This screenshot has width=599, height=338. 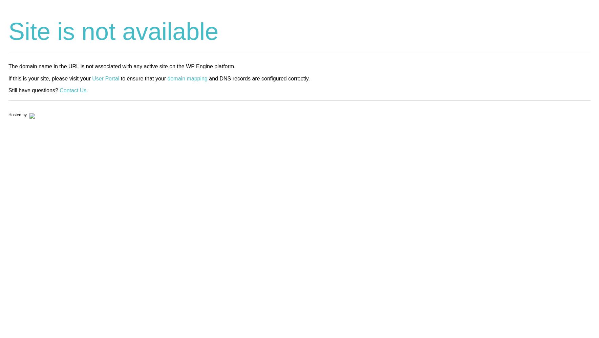 I want to click on 'Hosted by', so click(x=18, y=114).